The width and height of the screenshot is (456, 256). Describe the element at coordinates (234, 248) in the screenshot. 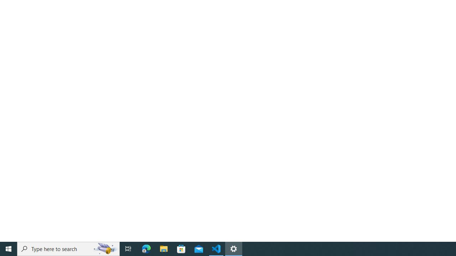

I see `'Settings - 1 running window'` at that location.